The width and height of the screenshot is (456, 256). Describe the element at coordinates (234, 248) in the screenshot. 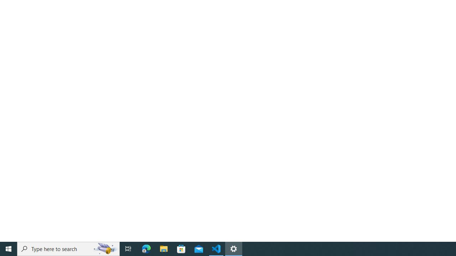

I see `'Settings - 1 running window'` at that location.